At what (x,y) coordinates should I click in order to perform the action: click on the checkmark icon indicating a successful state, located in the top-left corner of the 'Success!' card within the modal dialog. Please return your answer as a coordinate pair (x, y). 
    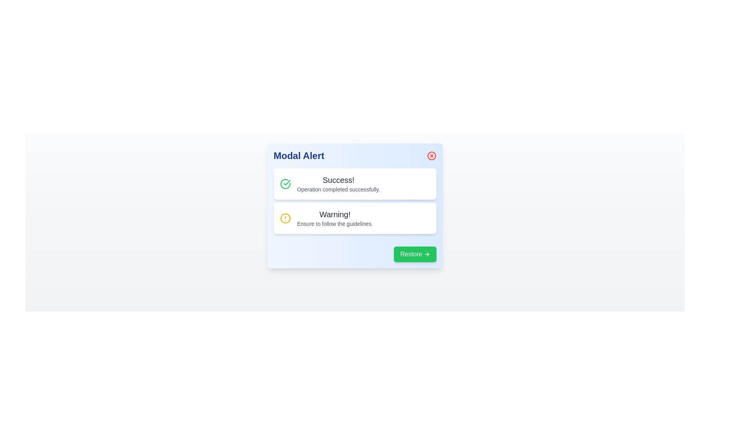
    Looking at the image, I should click on (286, 182).